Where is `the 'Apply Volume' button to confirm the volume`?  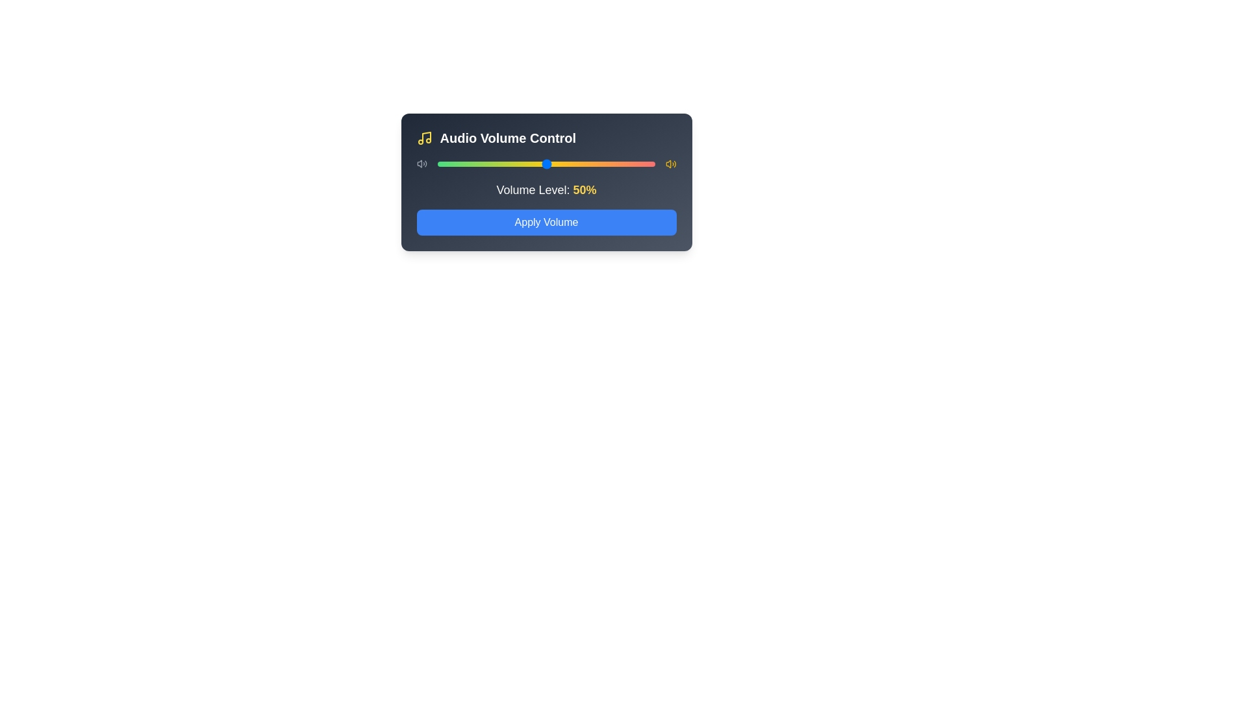 the 'Apply Volume' button to confirm the volume is located at coordinates (546, 222).